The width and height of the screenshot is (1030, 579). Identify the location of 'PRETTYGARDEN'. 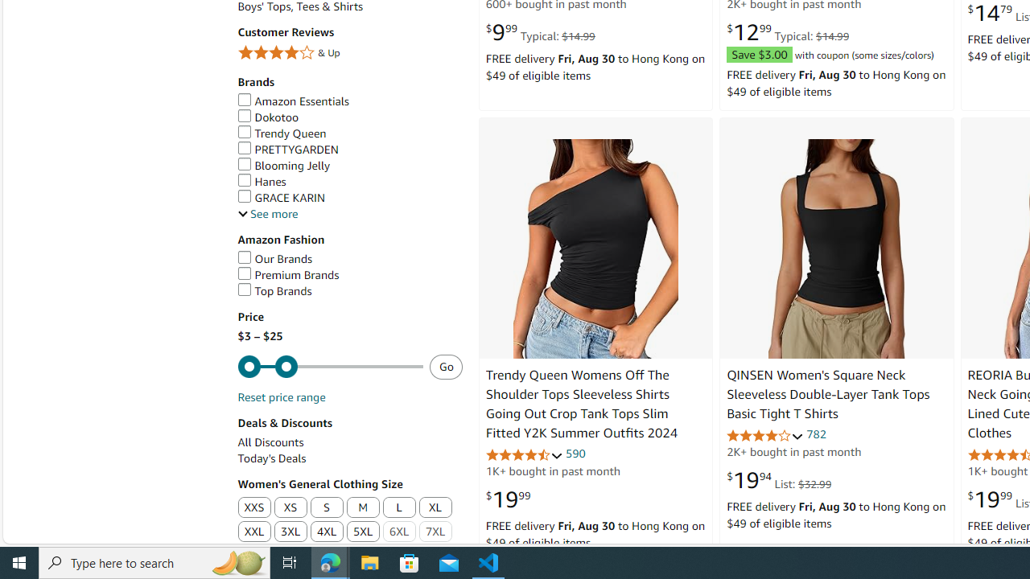
(287, 149).